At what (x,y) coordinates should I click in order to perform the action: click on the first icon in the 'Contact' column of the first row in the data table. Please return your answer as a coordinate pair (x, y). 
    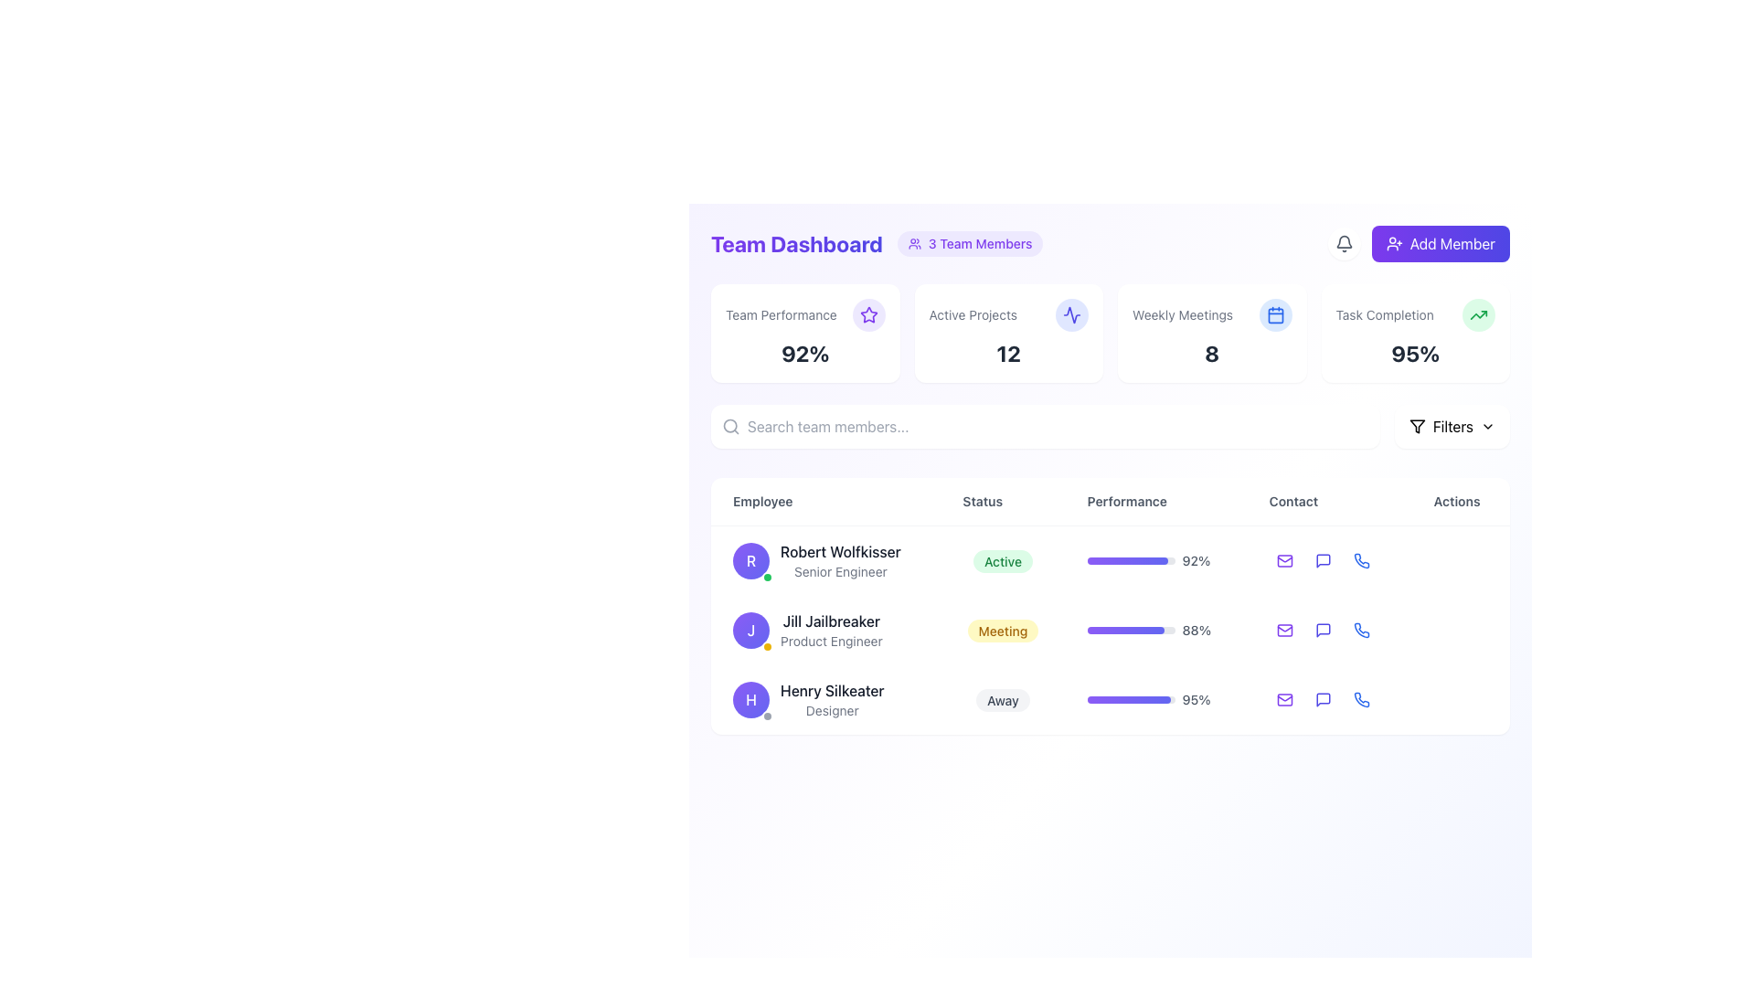
    Looking at the image, I should click on (1283, 559).